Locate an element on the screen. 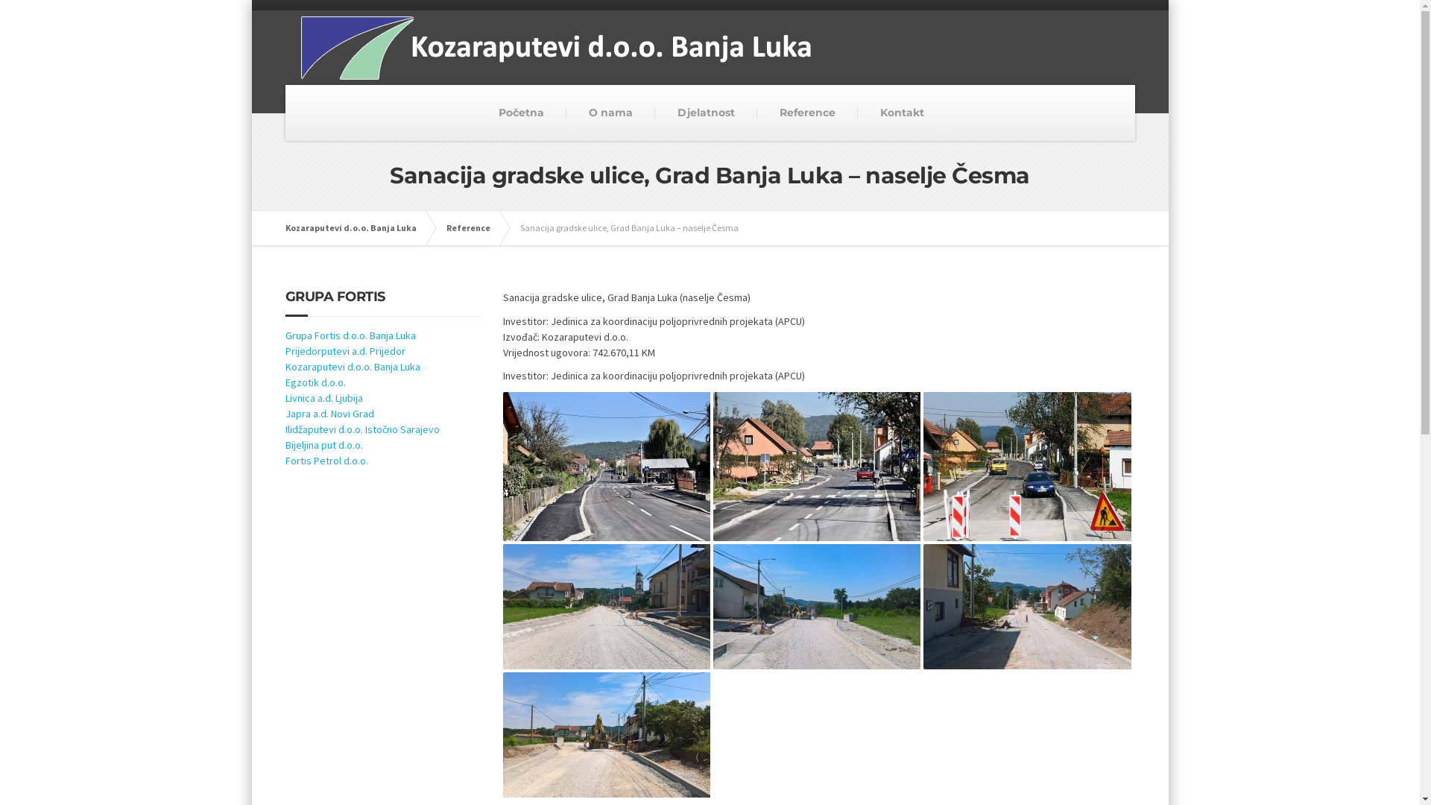  'Reference' is located at coordinates (474, 227).